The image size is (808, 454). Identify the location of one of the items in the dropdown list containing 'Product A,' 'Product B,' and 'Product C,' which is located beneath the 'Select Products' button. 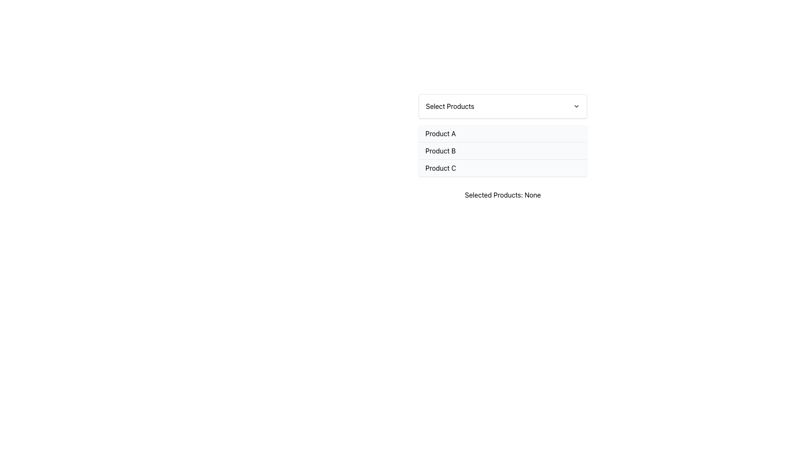
(503, 150).